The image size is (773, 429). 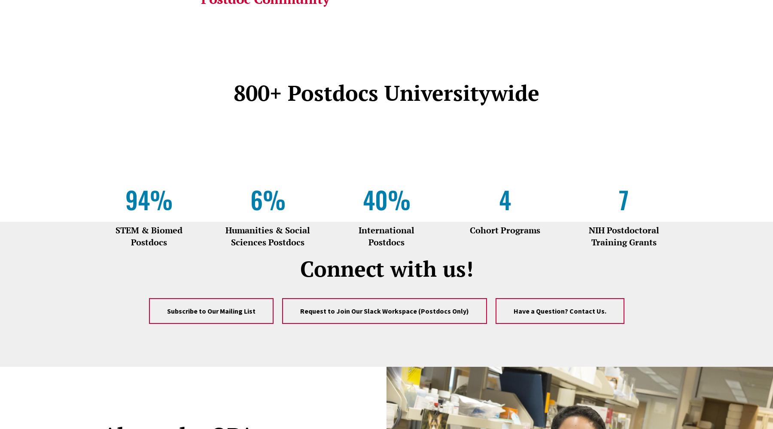 What do you see at coordinates (618, 199) in the screenshot?
I see `'7'` at bounding box center [618, 199].